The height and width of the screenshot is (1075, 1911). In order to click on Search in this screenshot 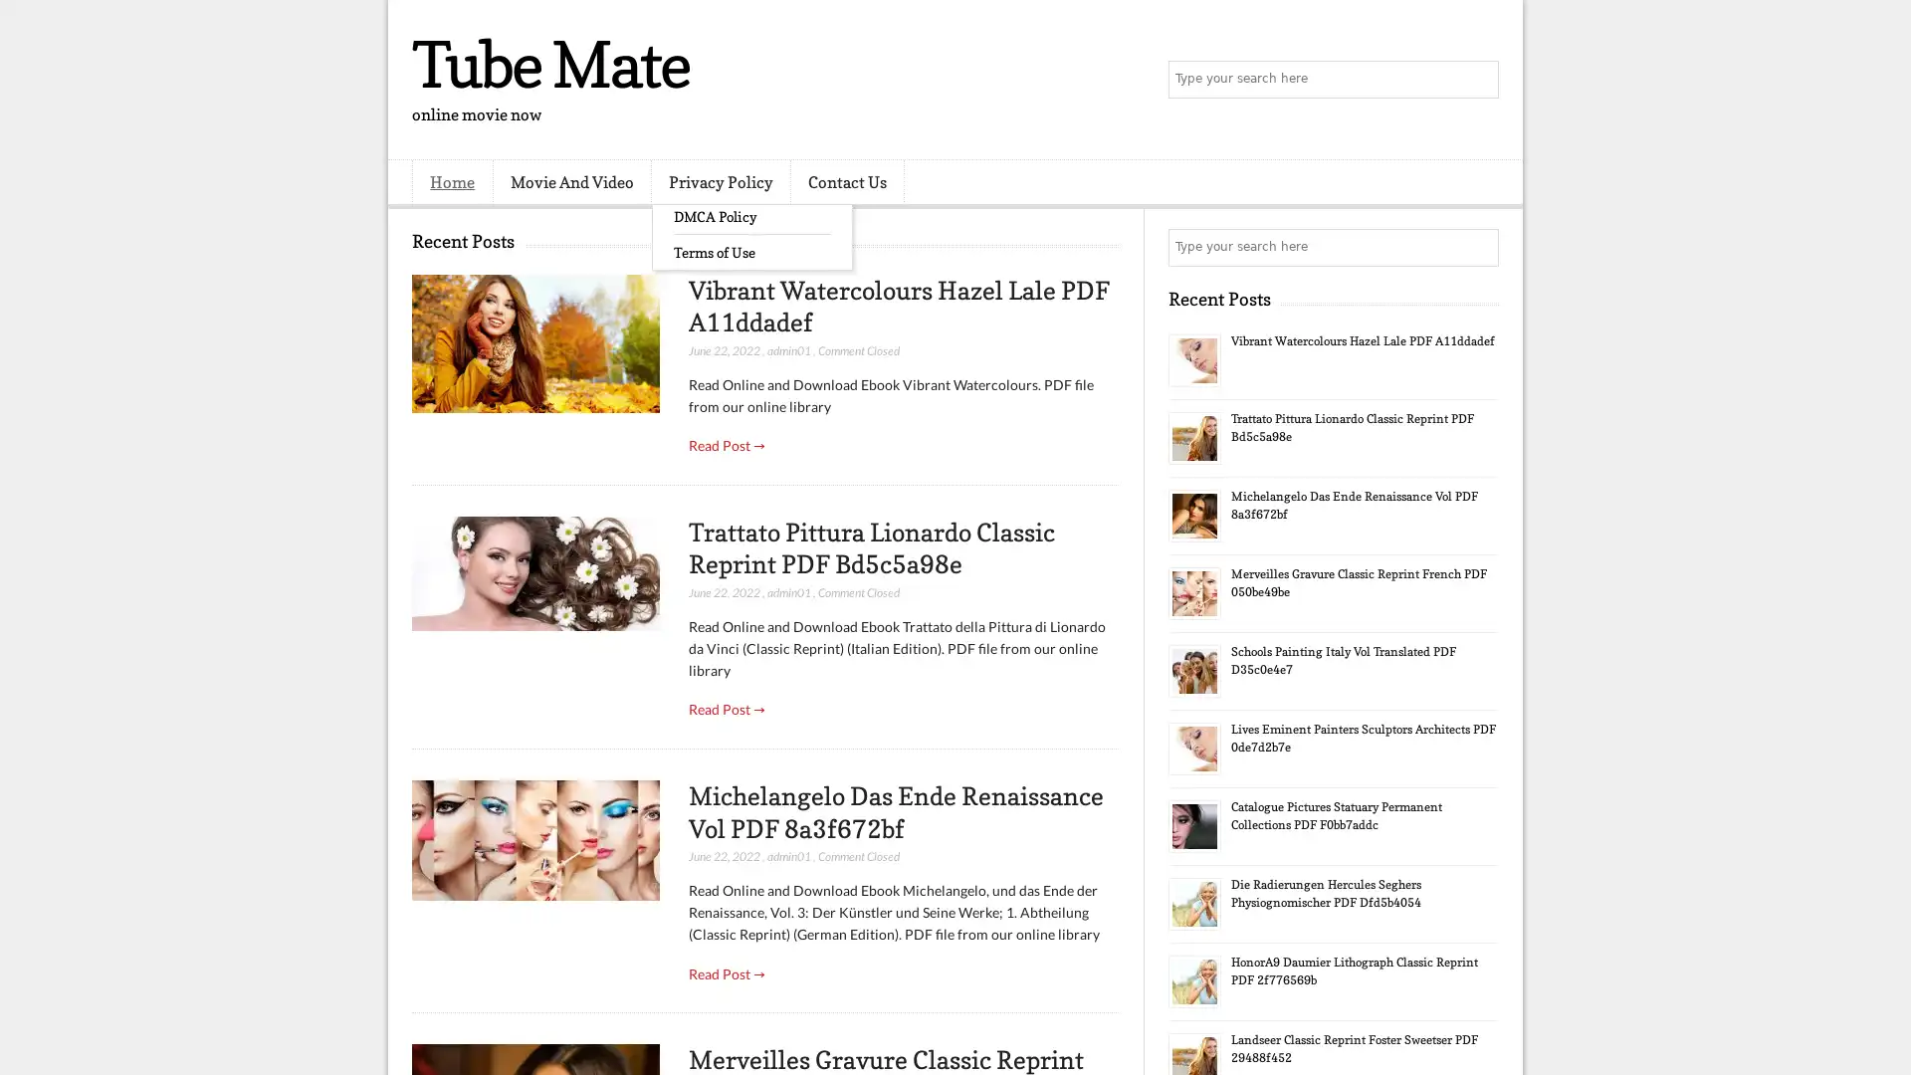, I will do `click(1478, 247)`.